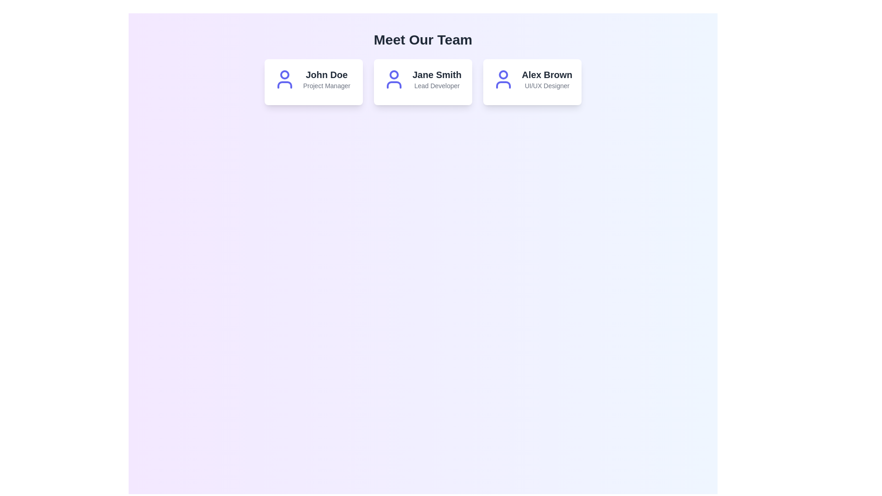 This screenshot has height=496, width=882. Describe the element at coordinates (532, 79) in the screenshot. I see `the rightmost profile card representing a team member` at that location.